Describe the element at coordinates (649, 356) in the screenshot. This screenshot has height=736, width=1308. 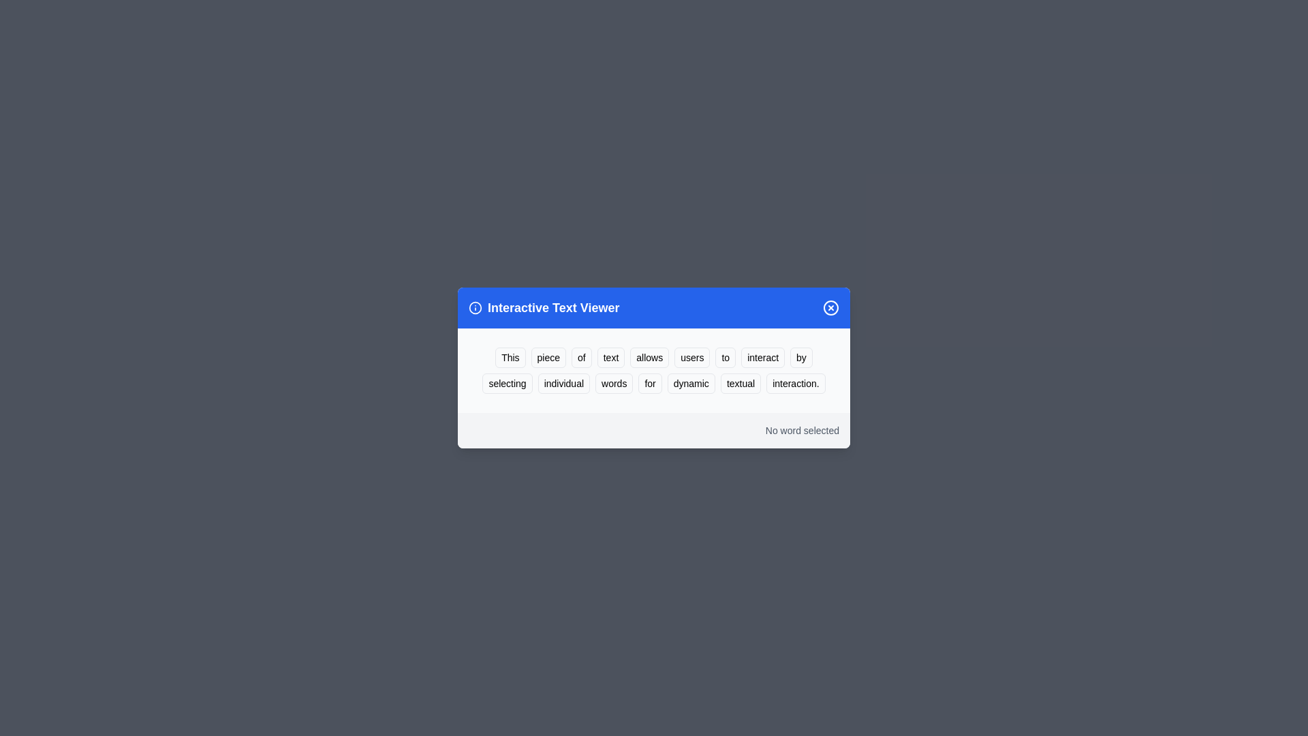
I see `the word 'allows' to highlight it` at that location.